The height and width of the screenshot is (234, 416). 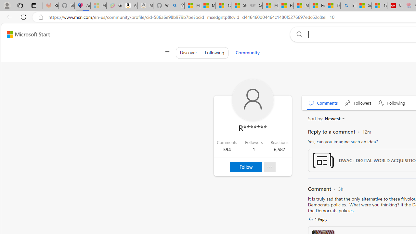 I want to click on ' Comments', so click(x=323, y=102).